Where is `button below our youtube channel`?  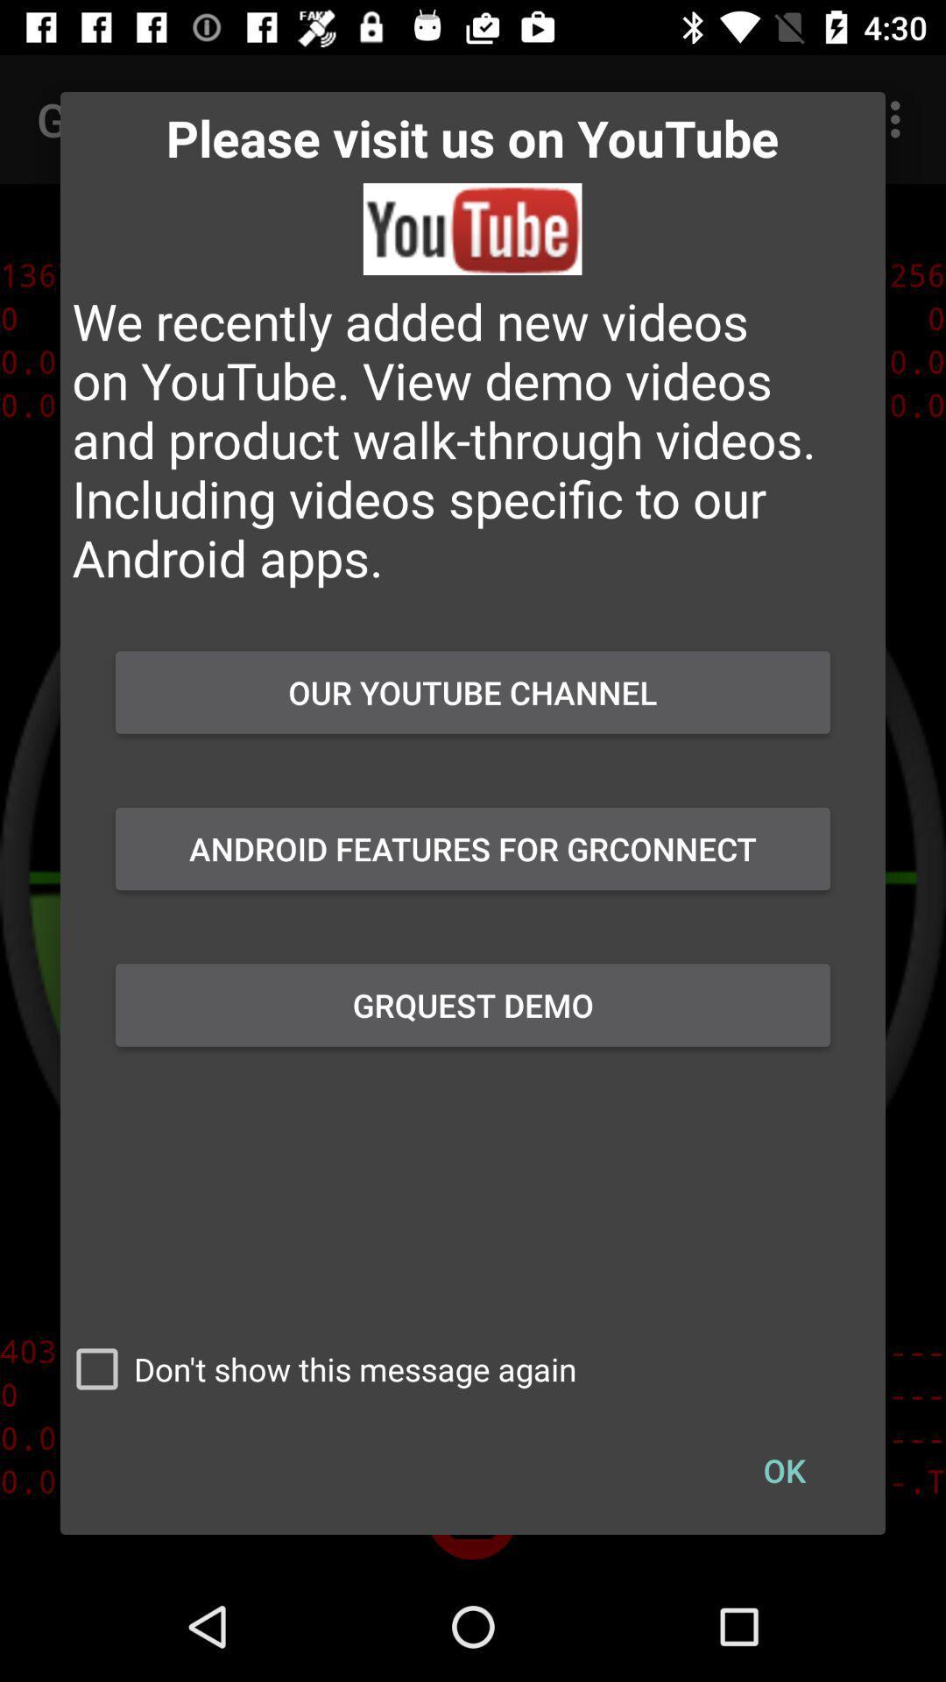 button below our youtube channel is located at coordinates (473, 849).